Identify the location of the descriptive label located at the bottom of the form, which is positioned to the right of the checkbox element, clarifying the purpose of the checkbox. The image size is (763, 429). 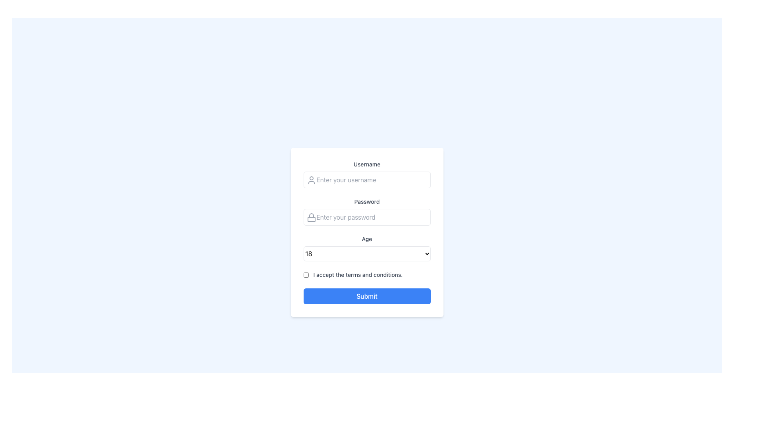
(357, 274).